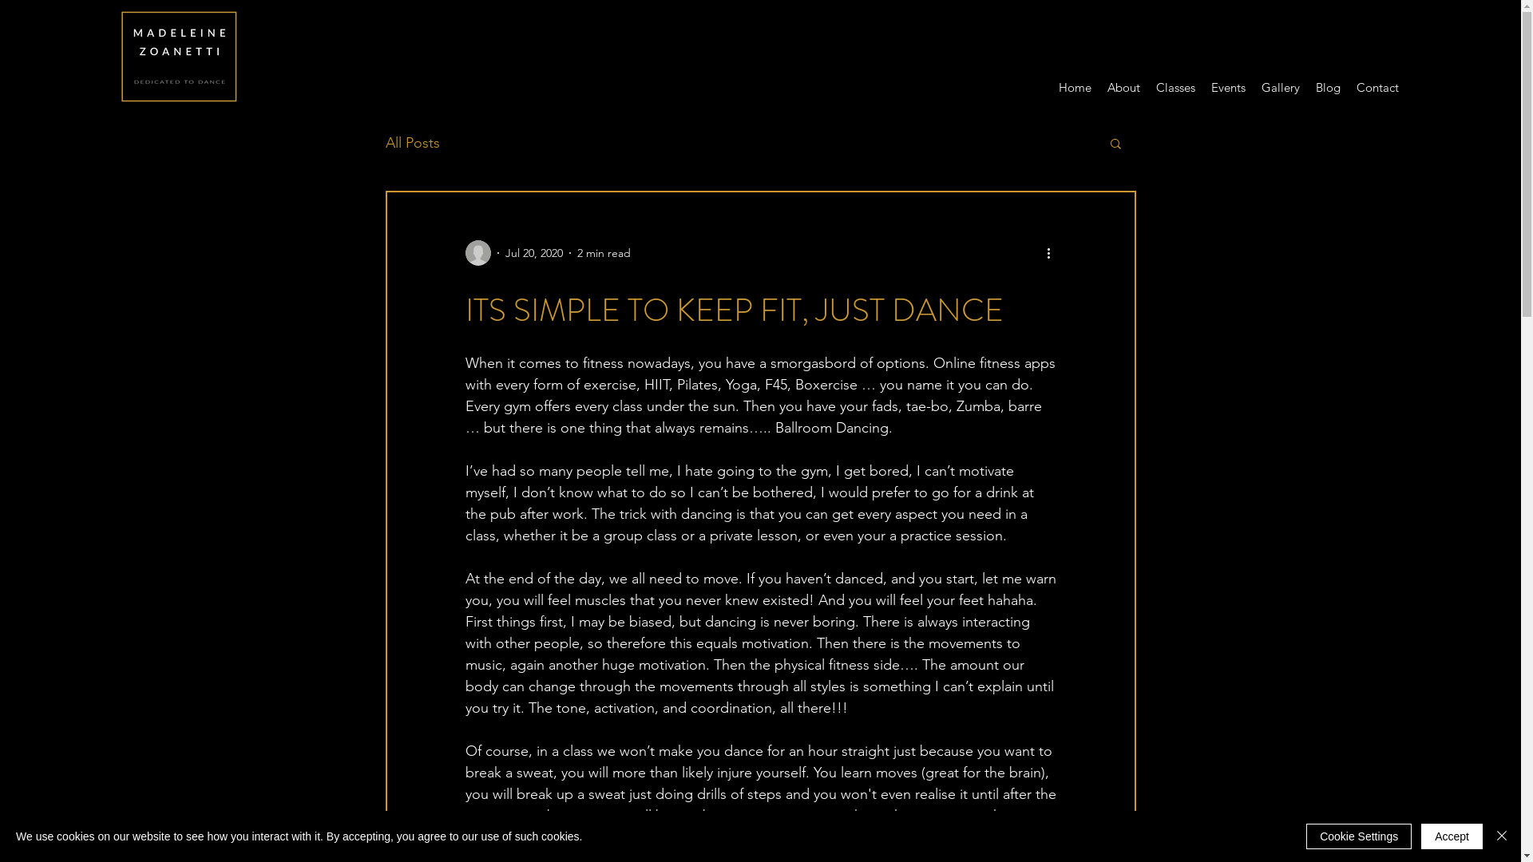  I want to click on 'Contact', so click(1377, 87).